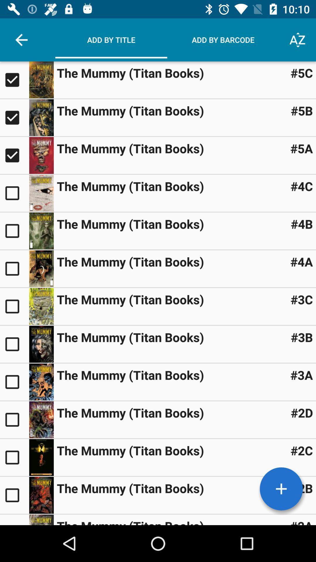  Describe the element at coordinates (14, 306) in the screenshot. I see `check box` at that location.